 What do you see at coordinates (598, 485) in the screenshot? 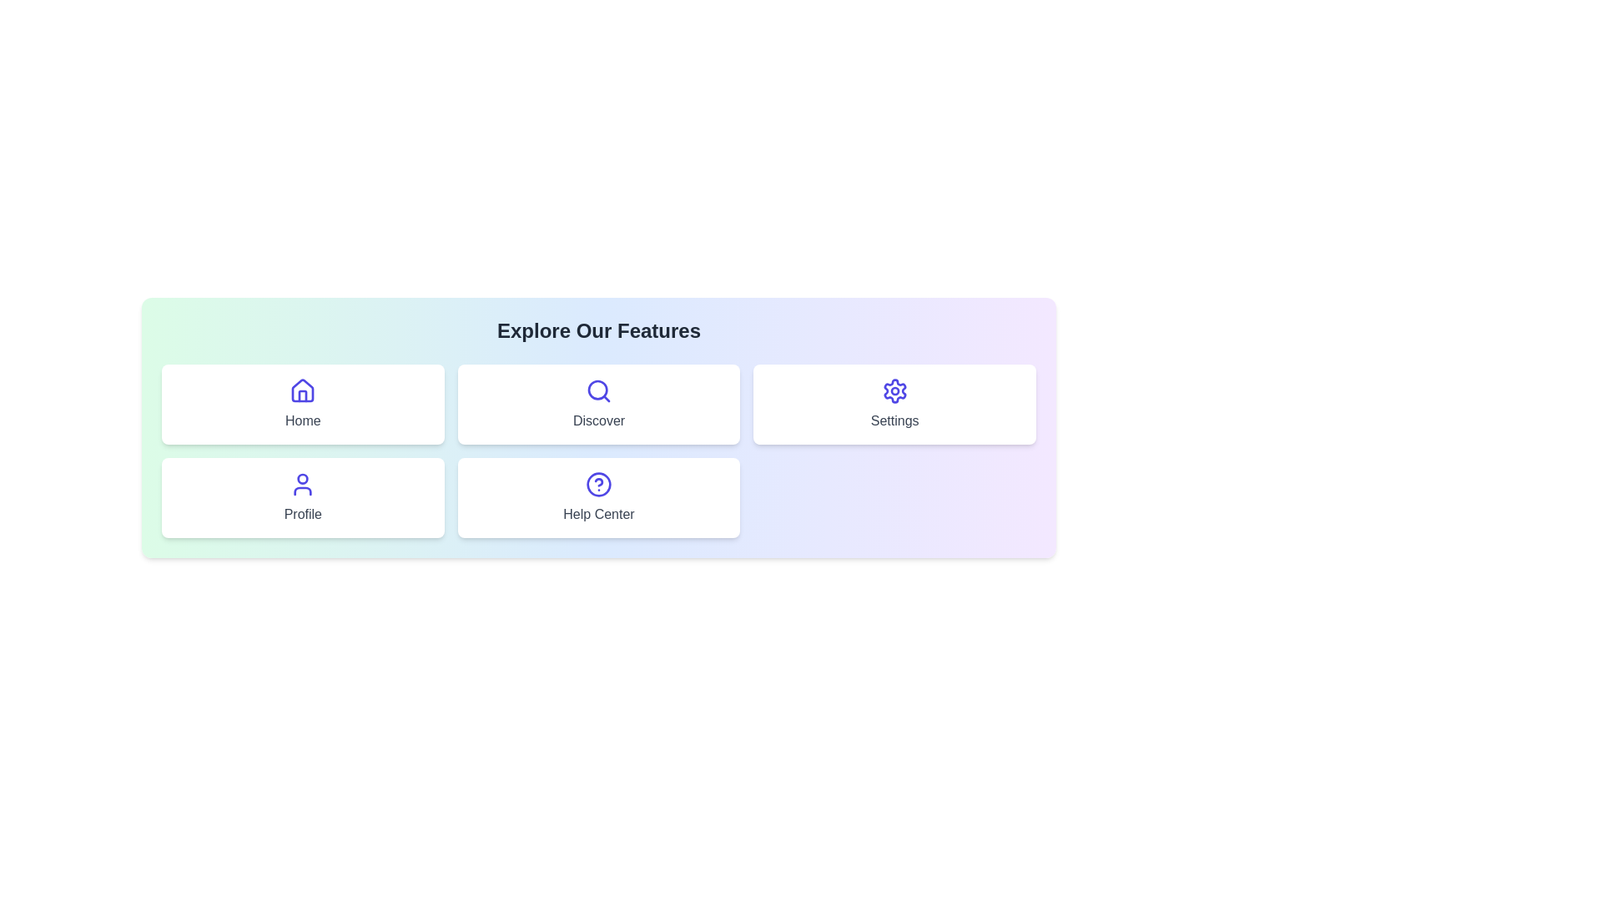
I see `the circular indigo icon with a question mark, located in the Help Center card at the bottom-right quadrant of the layout` at bounding box center [598, 485].